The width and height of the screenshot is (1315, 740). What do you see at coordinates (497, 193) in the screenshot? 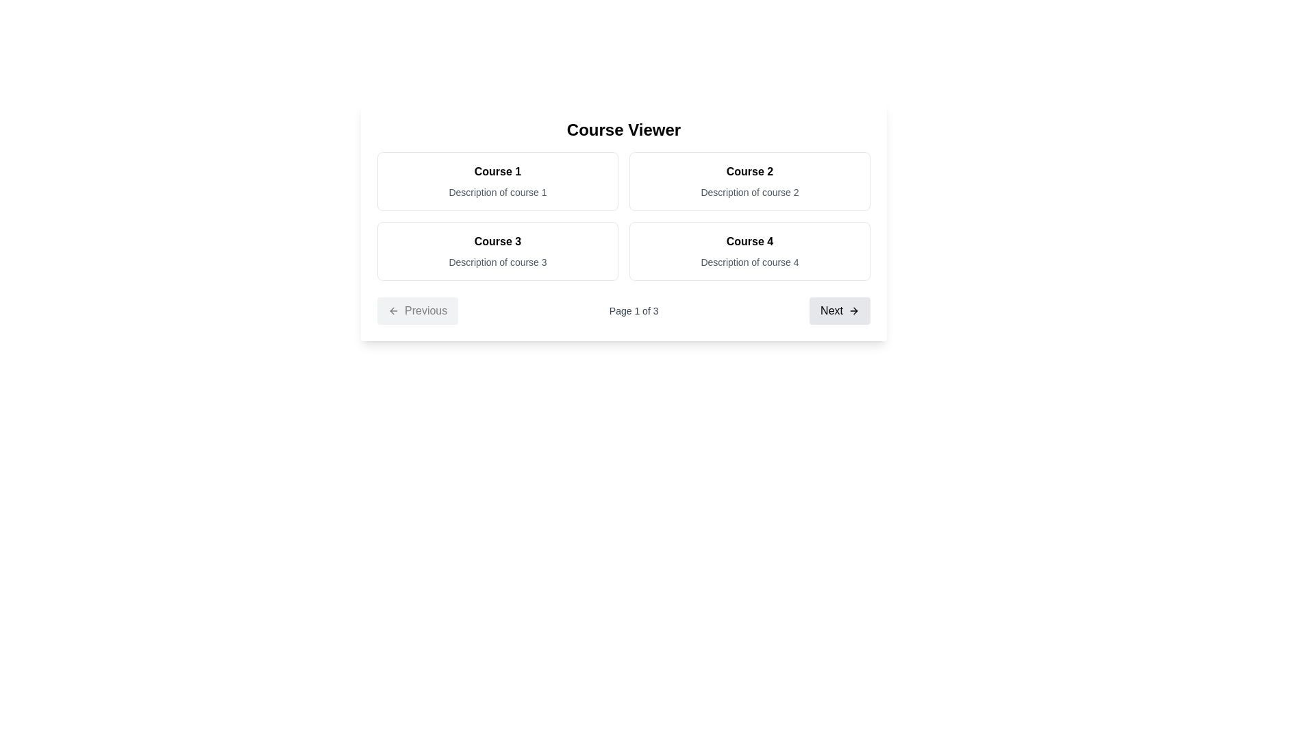
I see `the descriptive text label for 'Course 1', which is the second inline component within its box located in the top-left corner of the 'Course Viewer'` at bounding box center [497, 193].